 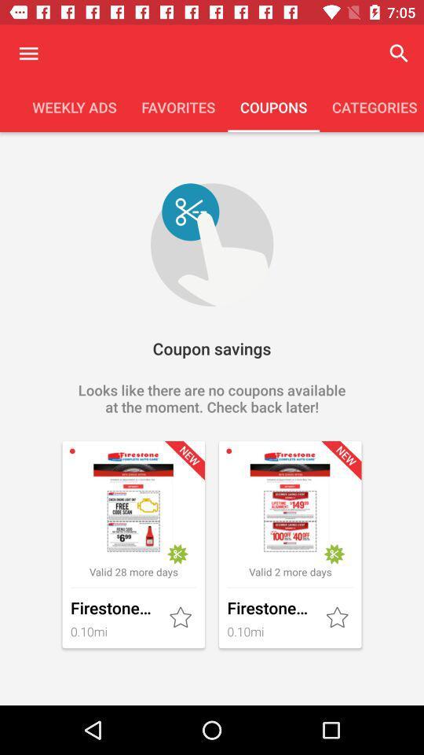 What do you see at coordinates (181, 618) in the screenshot?
I see `item` at bounding box center [181, 618].